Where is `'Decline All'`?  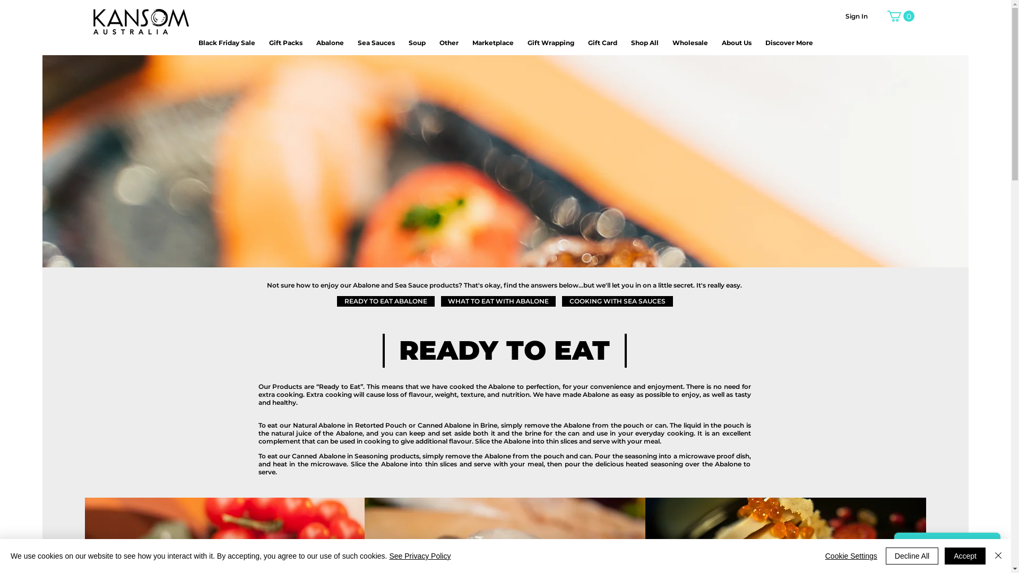 'Decline All' is located at coordinates (911, 555).